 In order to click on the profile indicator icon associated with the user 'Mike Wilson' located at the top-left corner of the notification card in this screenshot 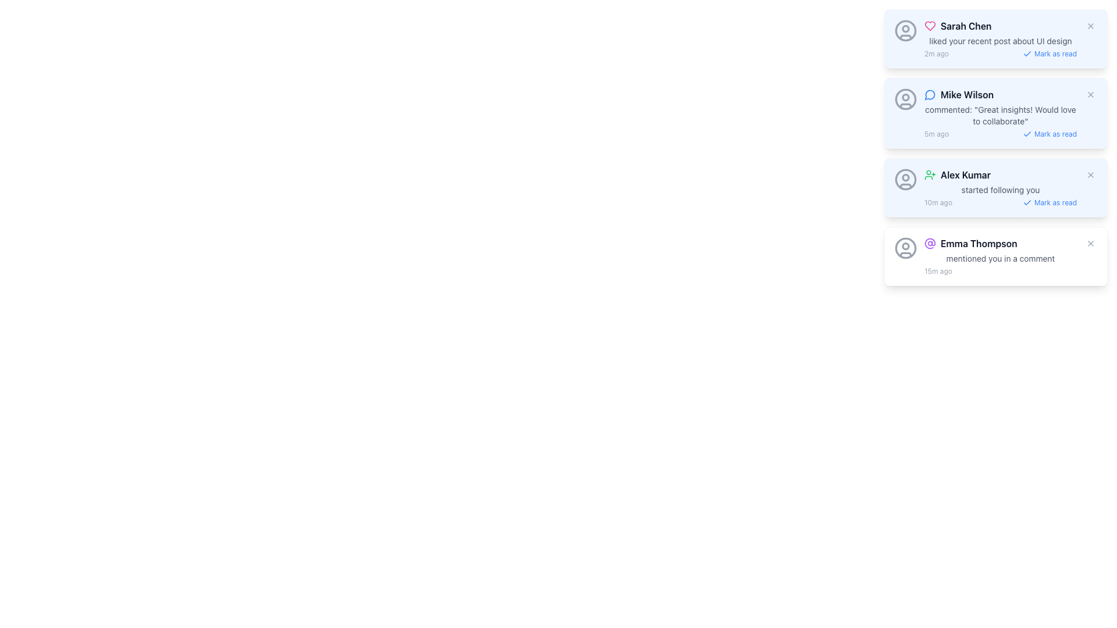, I will do `click(905, 98)`.